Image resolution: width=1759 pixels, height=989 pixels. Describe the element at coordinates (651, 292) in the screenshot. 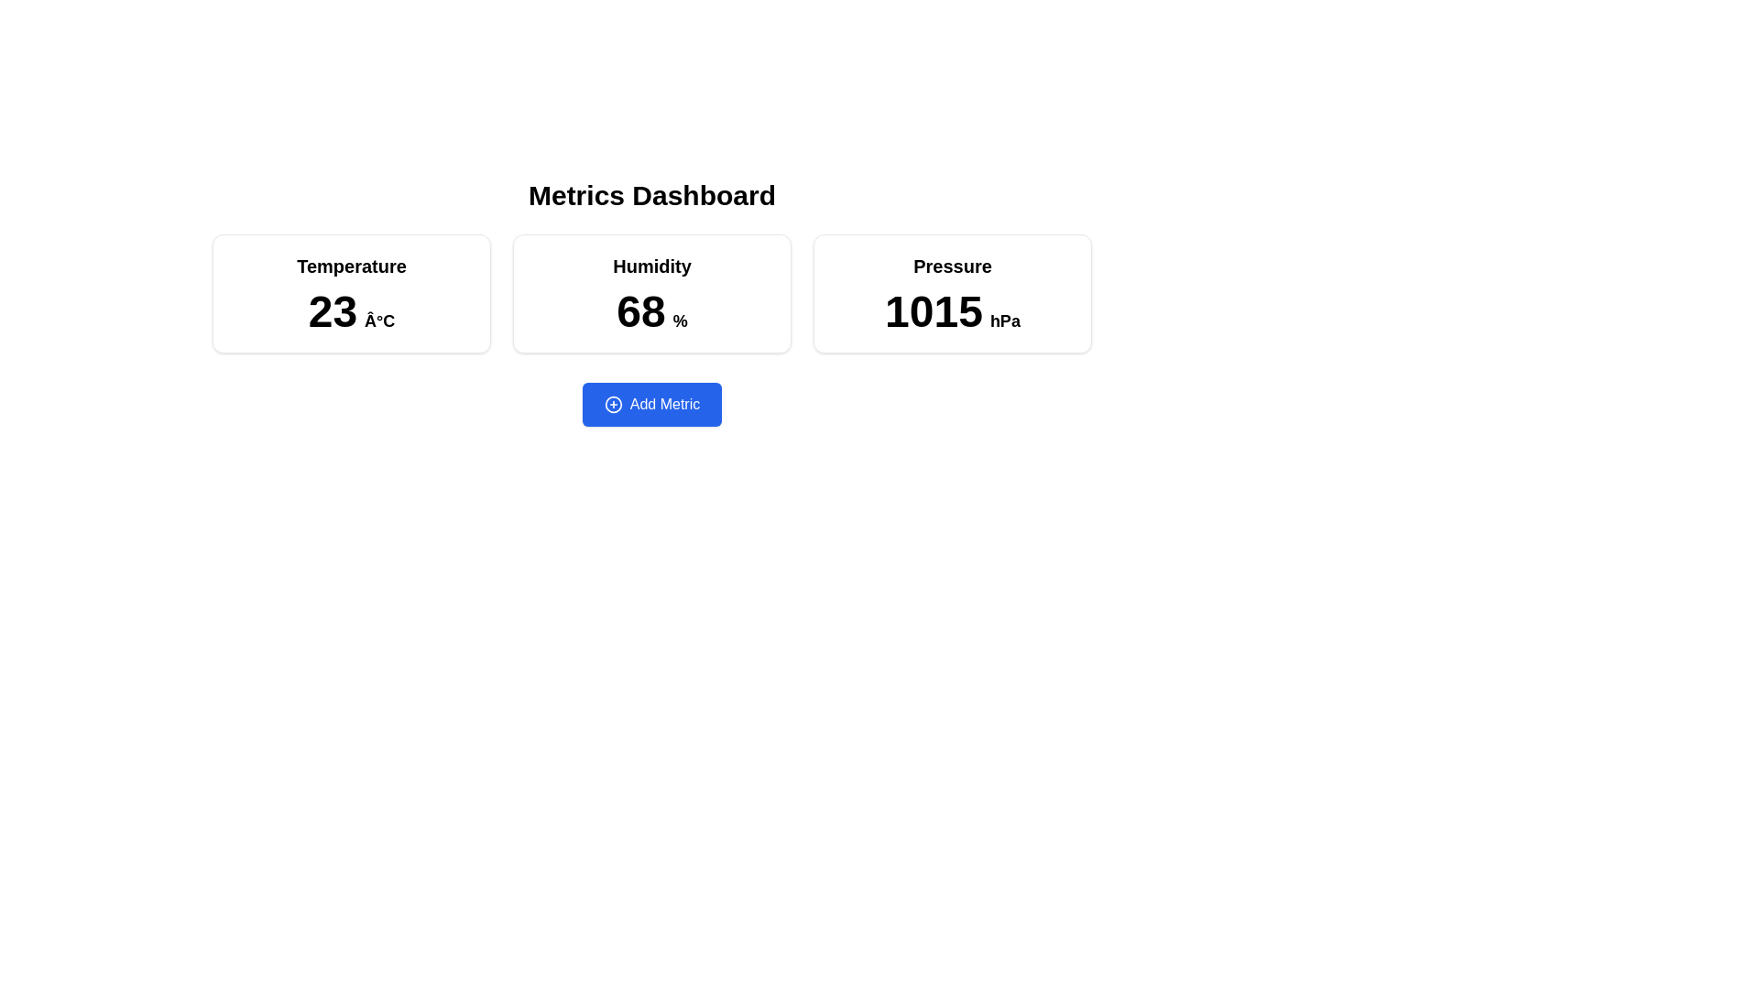

I see `current humidity level displayed on the informational card located in the center column of the grid, between the 'Temperature' and 'Pressure' cards` at that location.